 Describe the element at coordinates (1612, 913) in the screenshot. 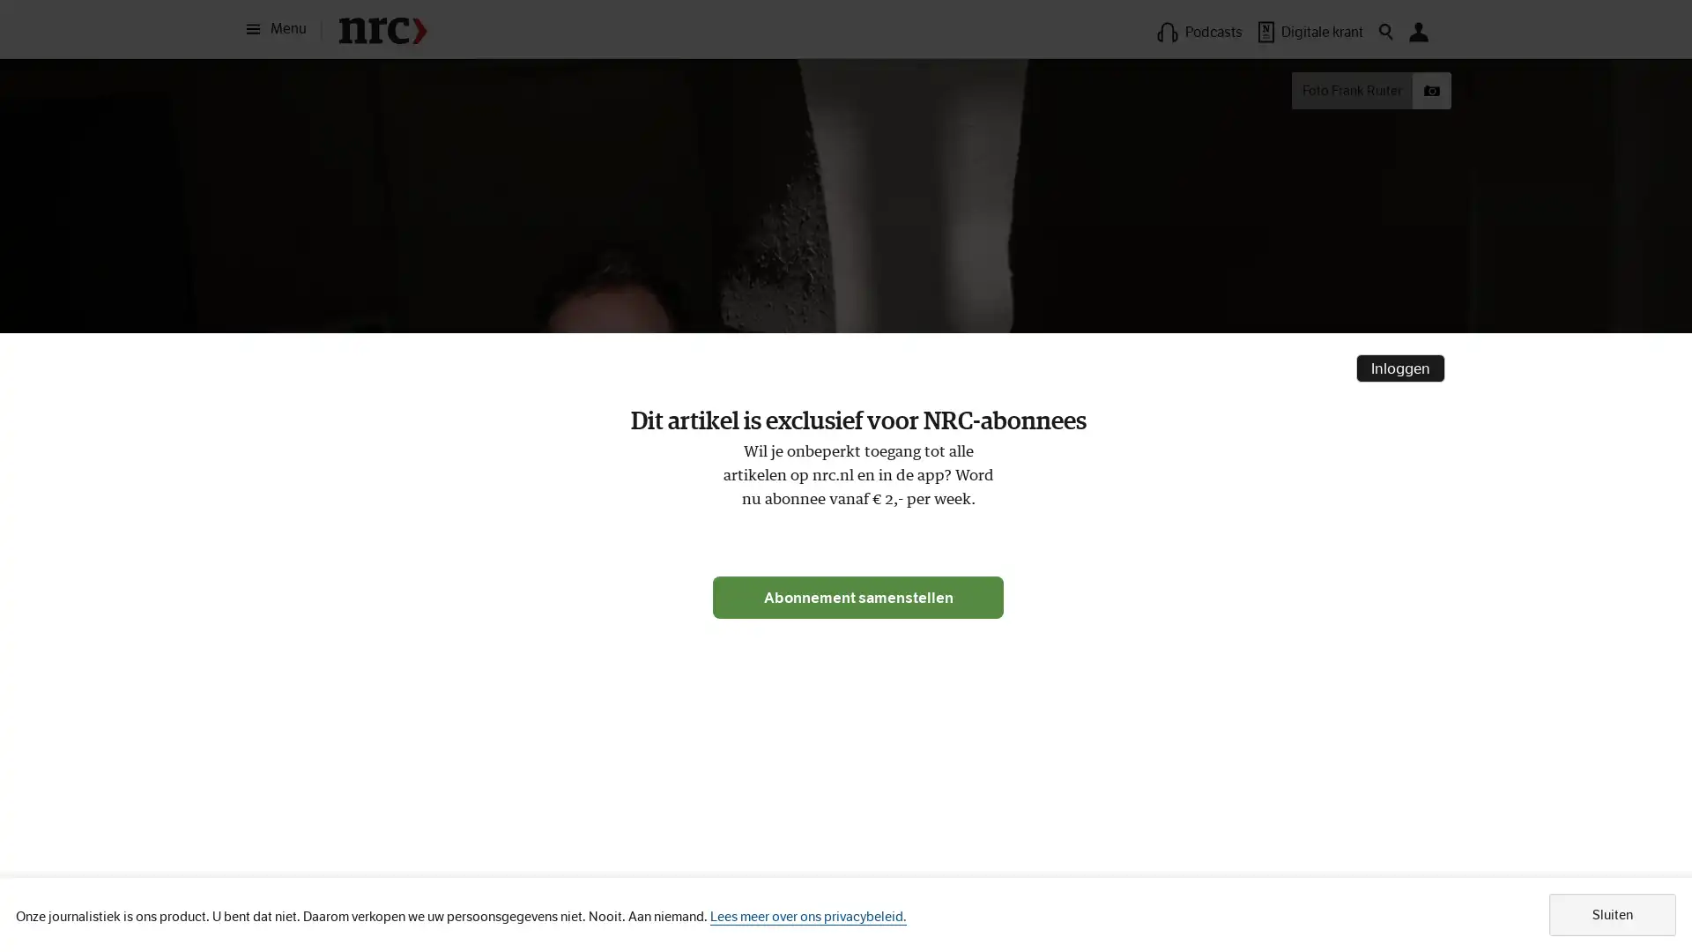

I see `Sluiten` at that location.